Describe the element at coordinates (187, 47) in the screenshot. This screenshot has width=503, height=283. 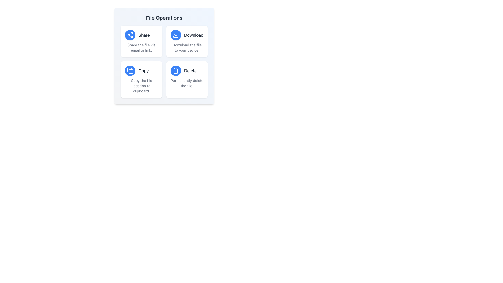
I see `the static text label that provides guidance related to the 'Download' functionality, which is located below the 'Download' text and icon in the 'Download' card` at that location.